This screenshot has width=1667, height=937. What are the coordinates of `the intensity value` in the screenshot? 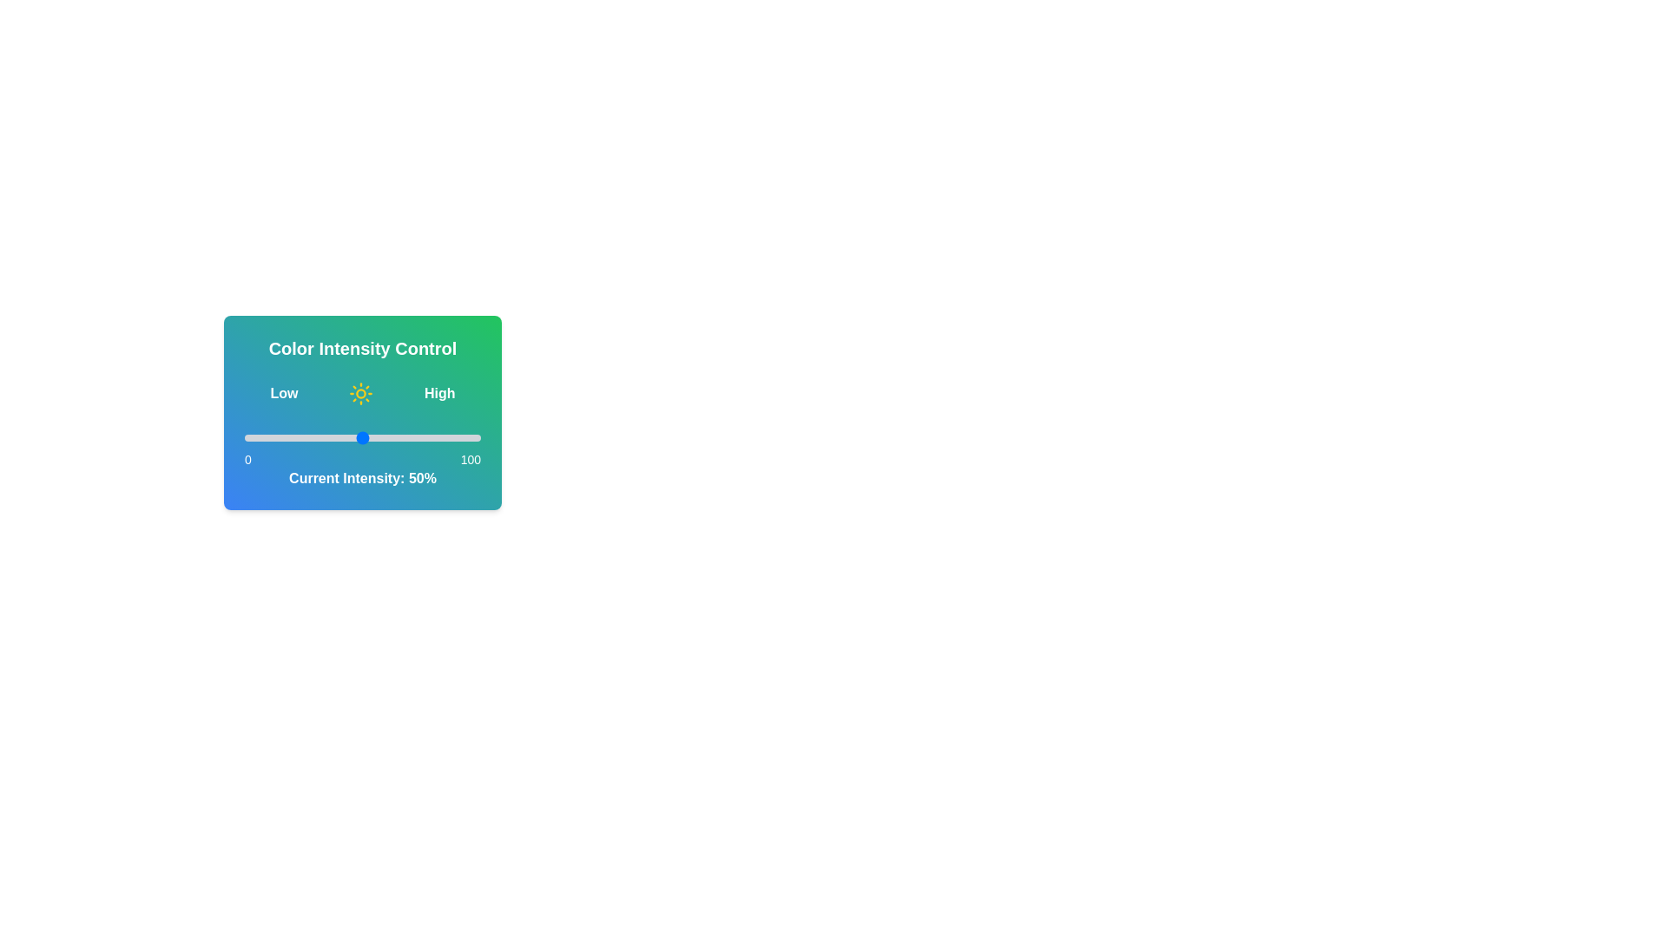 It's located at (433, 437).